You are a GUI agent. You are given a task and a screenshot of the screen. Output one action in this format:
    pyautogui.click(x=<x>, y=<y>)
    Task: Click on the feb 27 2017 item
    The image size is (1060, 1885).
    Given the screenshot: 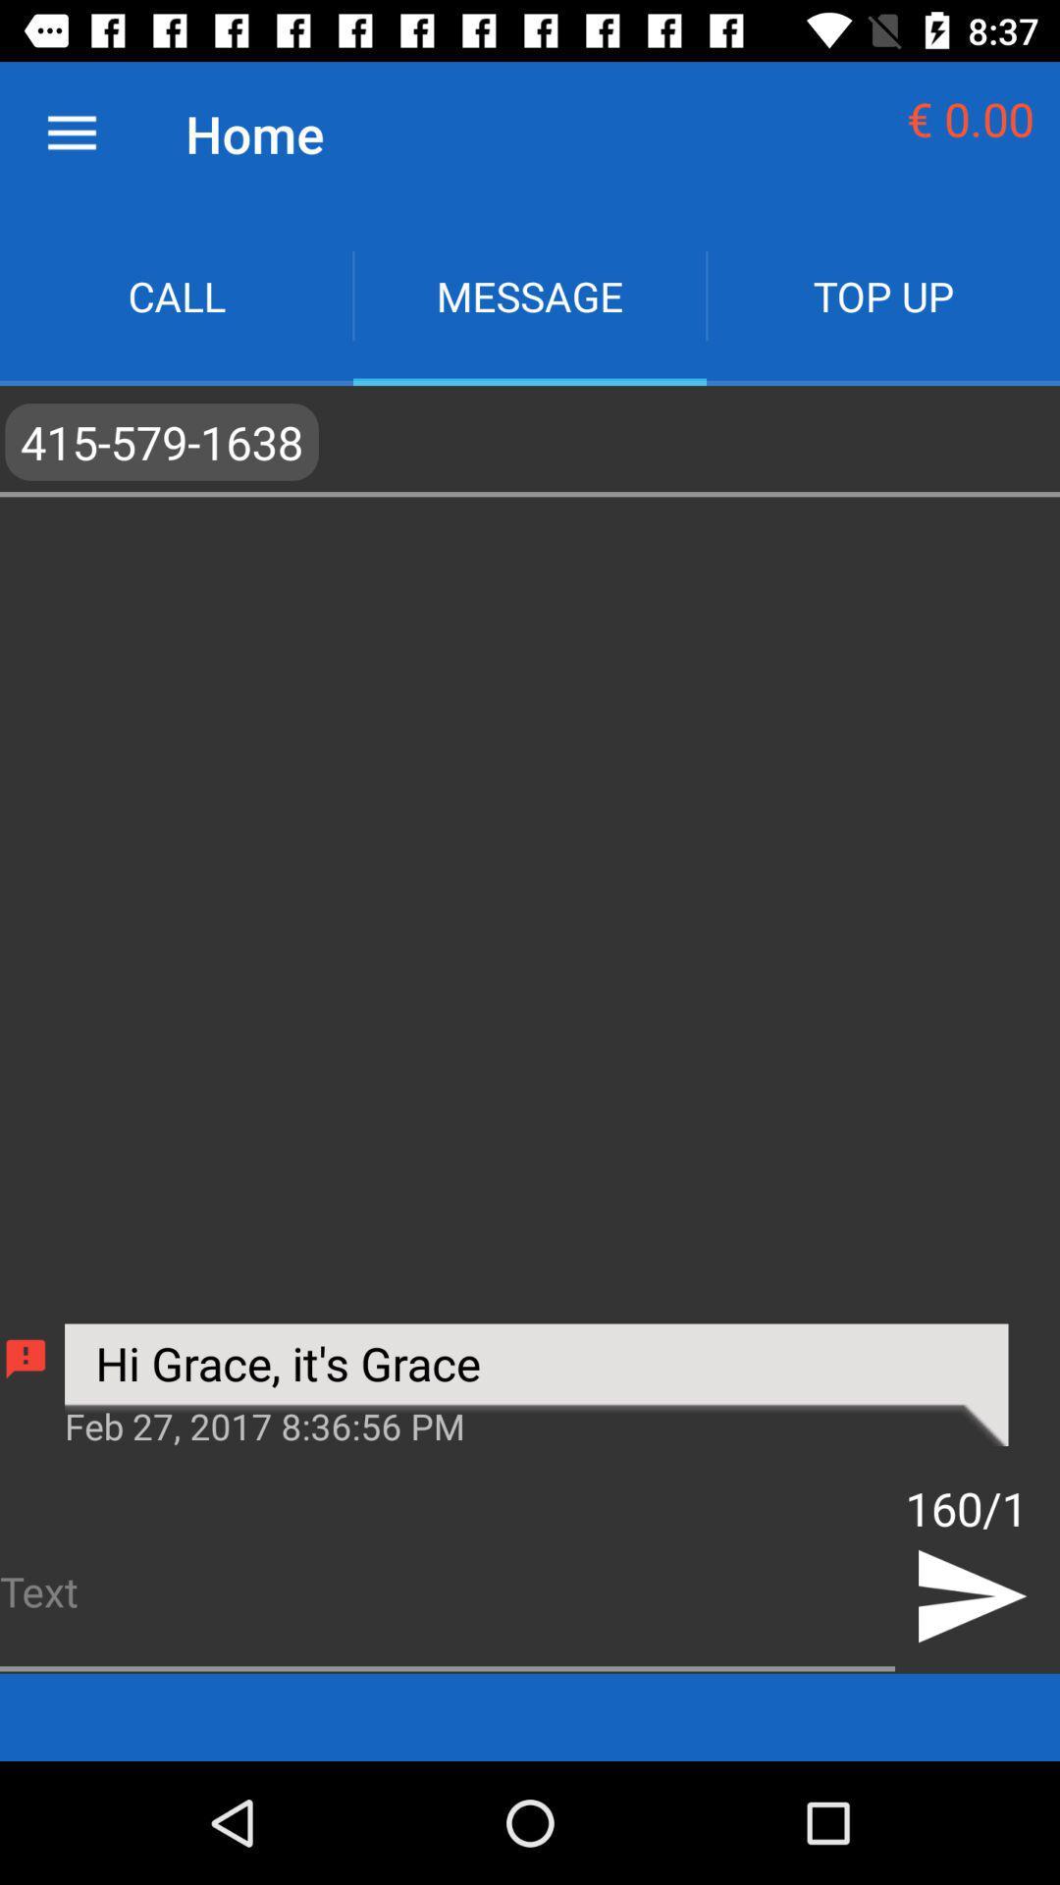 What is the action you would take?
    pyautogui.click(x=536, y=1424)
    